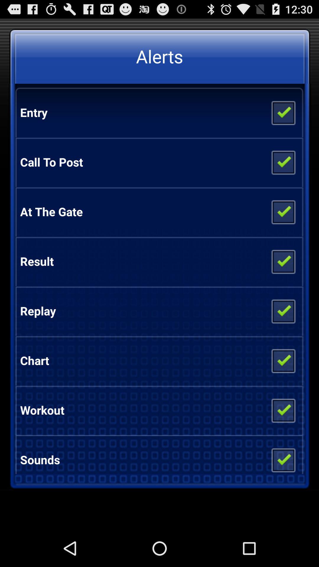 This screenshot has width=319, height=567. I want to click on the icon to the right of the replay item, so click(283, 310).